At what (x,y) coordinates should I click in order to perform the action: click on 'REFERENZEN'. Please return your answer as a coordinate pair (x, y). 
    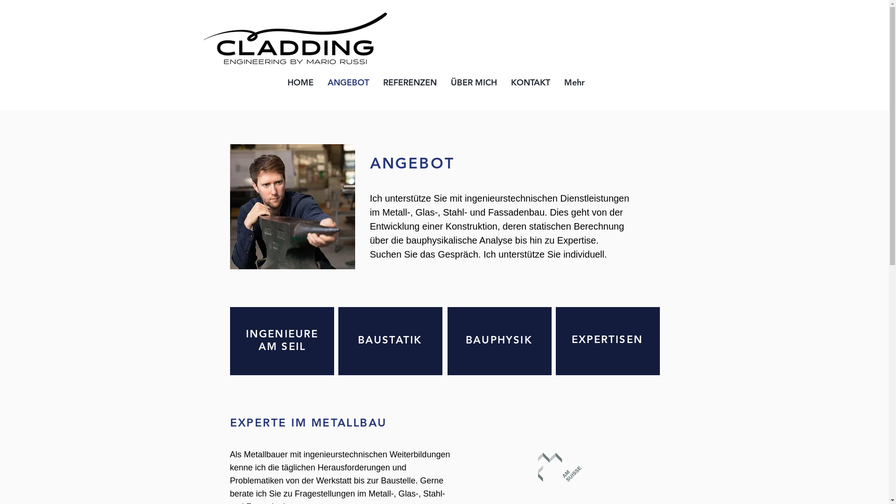
    Looking at the image, I should click on (410, 86).